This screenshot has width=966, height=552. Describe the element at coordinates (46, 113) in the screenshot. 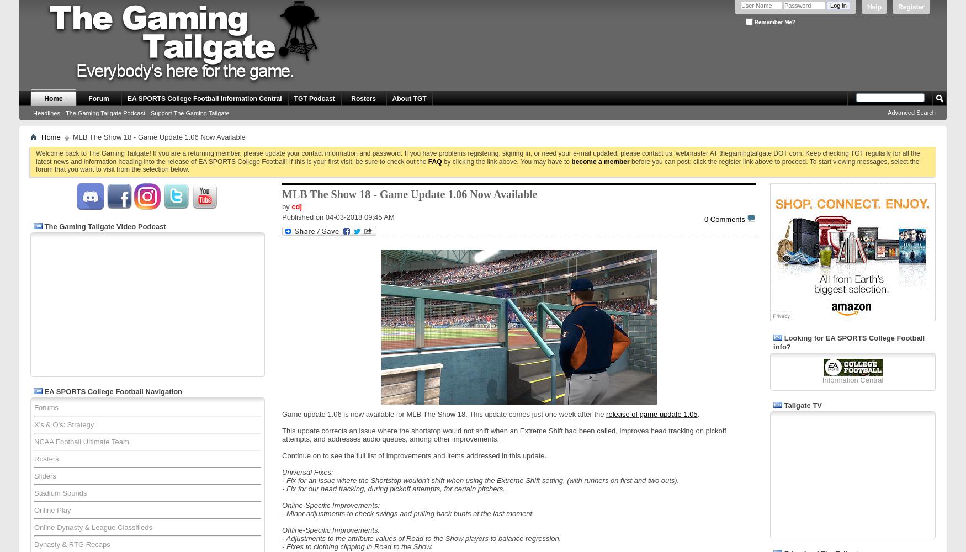

I see `'Headlines'` at that location.